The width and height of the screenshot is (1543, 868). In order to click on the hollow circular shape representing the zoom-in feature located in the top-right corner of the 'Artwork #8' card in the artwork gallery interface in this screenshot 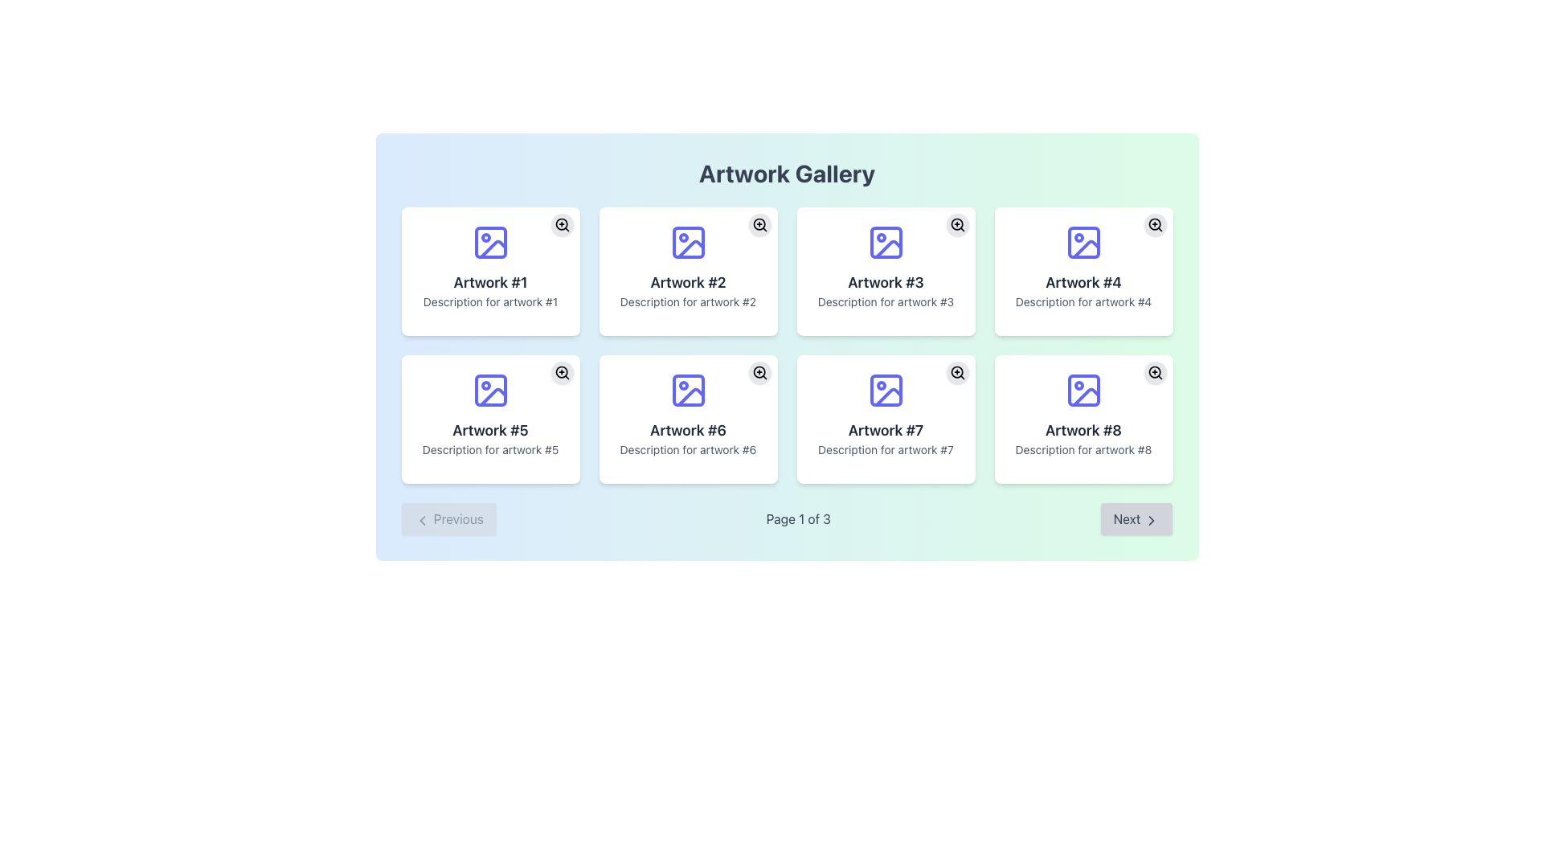, I will do `click(1153, 372)`.